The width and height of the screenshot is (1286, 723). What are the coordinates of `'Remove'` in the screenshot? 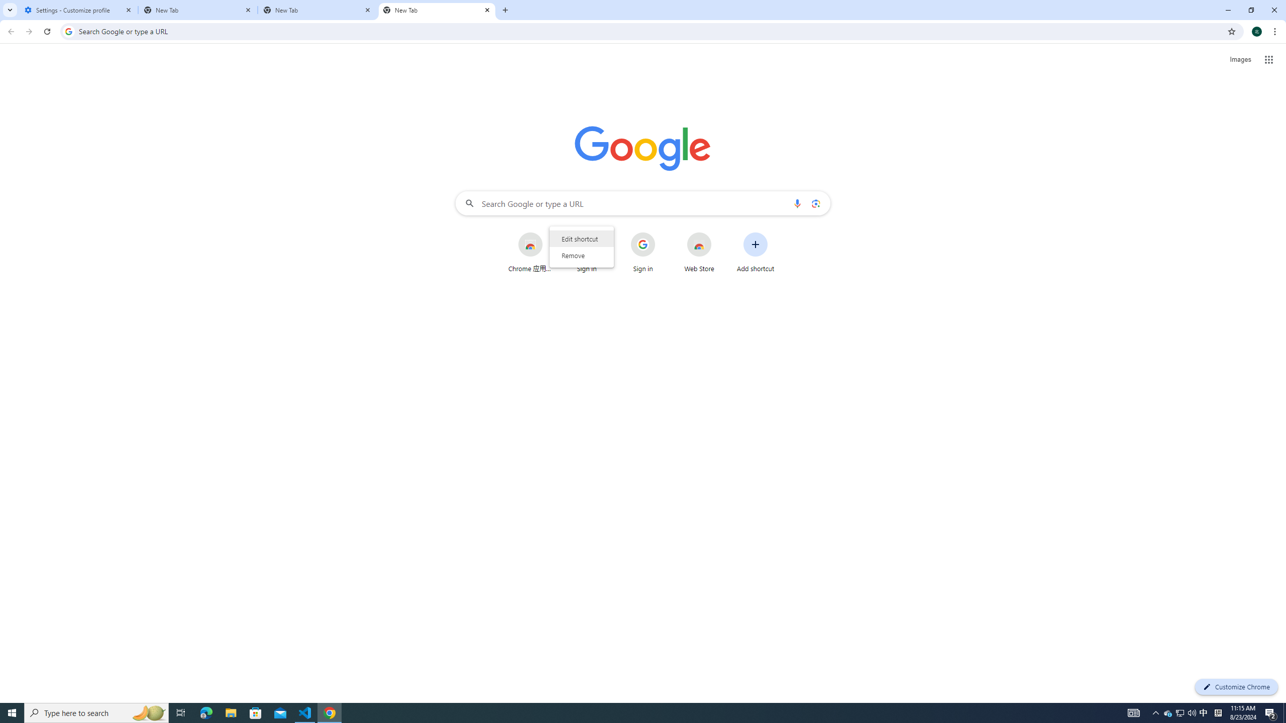 It's located at (581, 256).